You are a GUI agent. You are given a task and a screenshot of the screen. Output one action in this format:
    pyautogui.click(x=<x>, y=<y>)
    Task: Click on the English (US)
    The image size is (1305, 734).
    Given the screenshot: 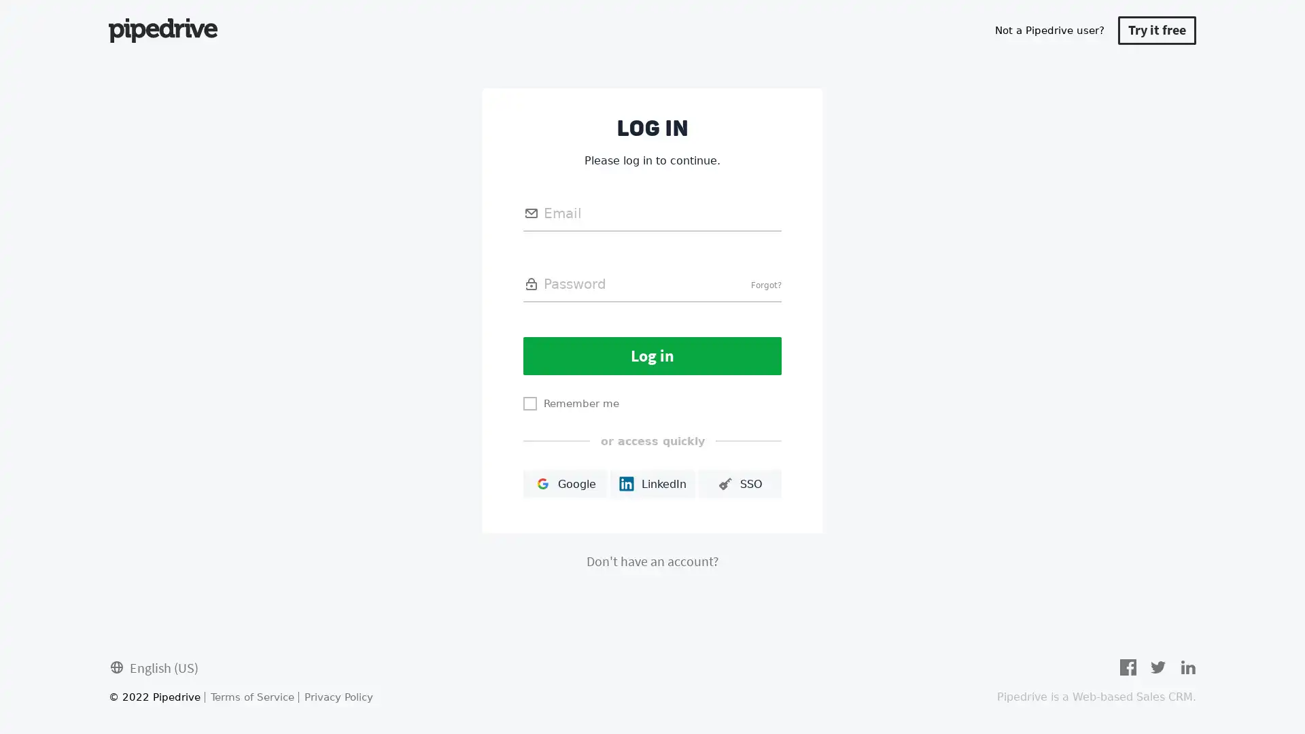 What is the action you would take?
    pyautogui.click(x=153, y=667)
    